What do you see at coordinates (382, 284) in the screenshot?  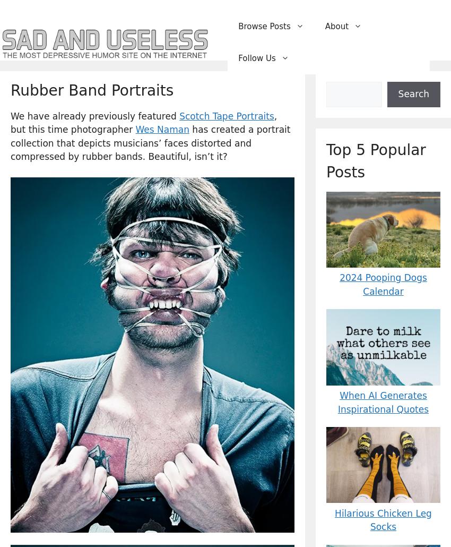 I see `'2024 Pooping Dogs Calendar'` at bounding box center [382, 284].